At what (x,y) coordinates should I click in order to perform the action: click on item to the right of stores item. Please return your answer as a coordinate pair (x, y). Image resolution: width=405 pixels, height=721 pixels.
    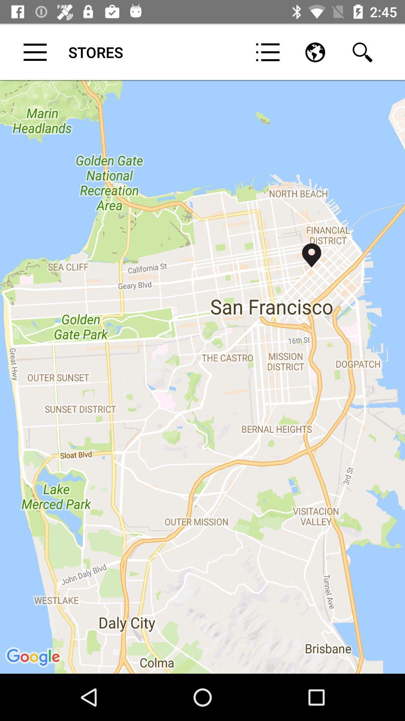
    Looking at the image, I should click on (267, 52).